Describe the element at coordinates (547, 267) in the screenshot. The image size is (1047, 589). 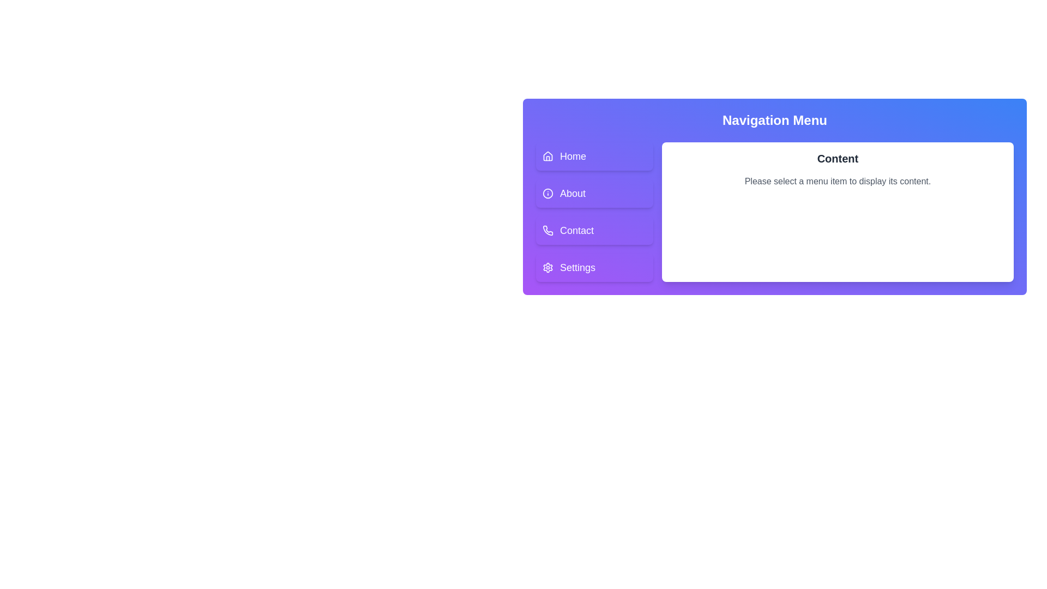
I see `the settings icon located at the far left of the 'Settings' menu item in the vertical navigation bar` at that location.